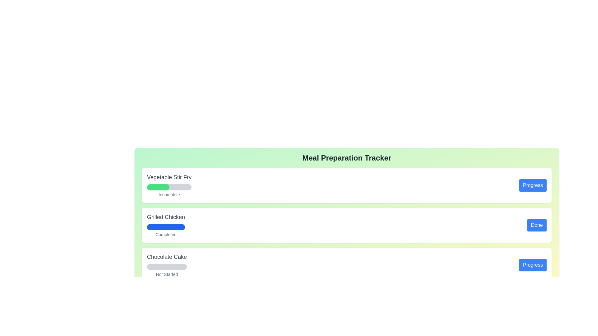 This screenshot has width=598, height=336. Describe the element at coordinates (167, 265) in the screenshot. I see `displayed text from the Status display component indicating the preparation status of 'Chocolate Cake'` at that location.